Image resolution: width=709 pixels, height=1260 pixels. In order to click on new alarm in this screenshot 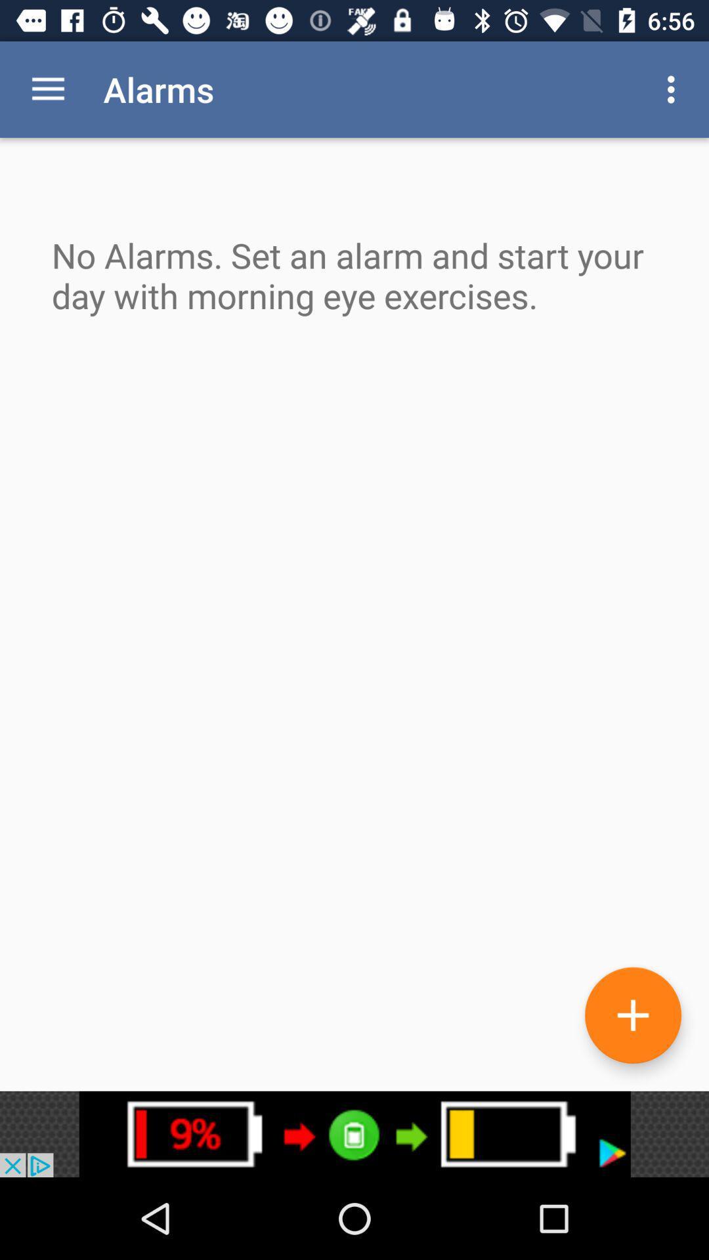, I will do `click(632, 1015)`.